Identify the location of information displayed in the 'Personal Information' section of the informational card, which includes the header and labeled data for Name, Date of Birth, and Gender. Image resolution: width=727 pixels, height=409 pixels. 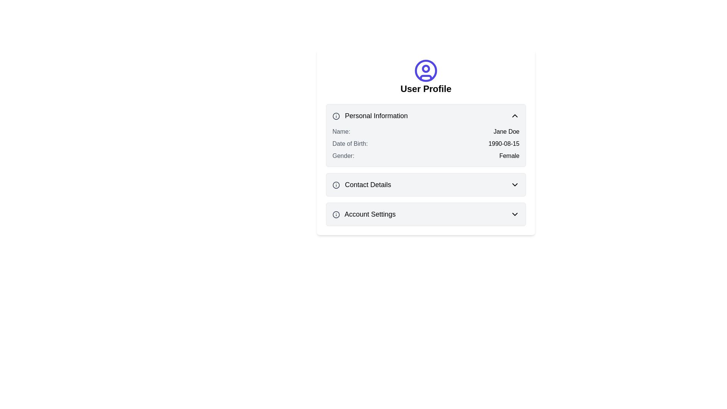
(426, 135).